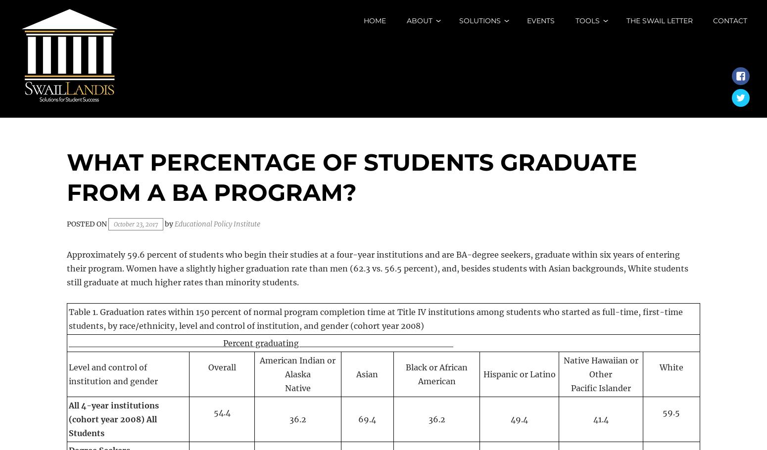 The height and width of the screenshot is (450, 767). What do you see at coordinates (436, 366) in the screenshot?
I see `'Black or African'` at bounding box center [436, 366].